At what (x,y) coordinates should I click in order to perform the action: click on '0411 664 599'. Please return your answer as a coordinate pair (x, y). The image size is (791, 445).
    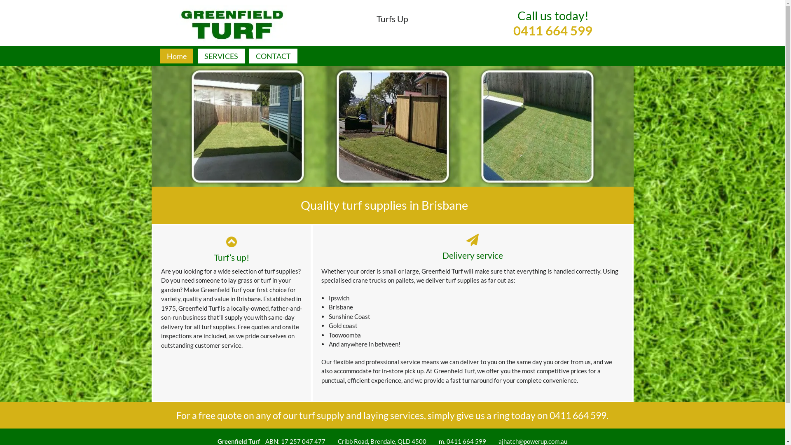
    Looking at the image, I should click on (577, 415).